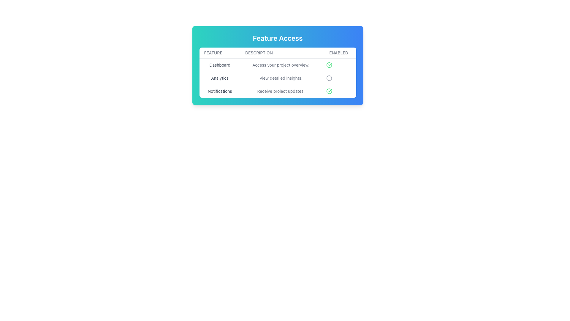 The image size is (570, 321). I want to click on the first row in the 'Feature Access' table, which describes the 'Dashboard' feature and indicates its enabled status, so click(277, 65).